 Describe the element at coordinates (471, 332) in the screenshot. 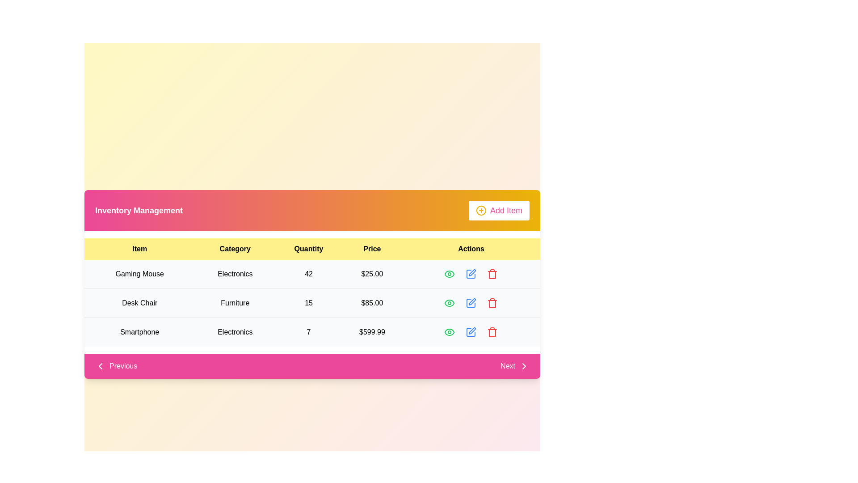

I see `the 'Edit' icon, which is a blue stroked square with a modified top edge located in the 'Actions' column of the third row in the table` at that location.